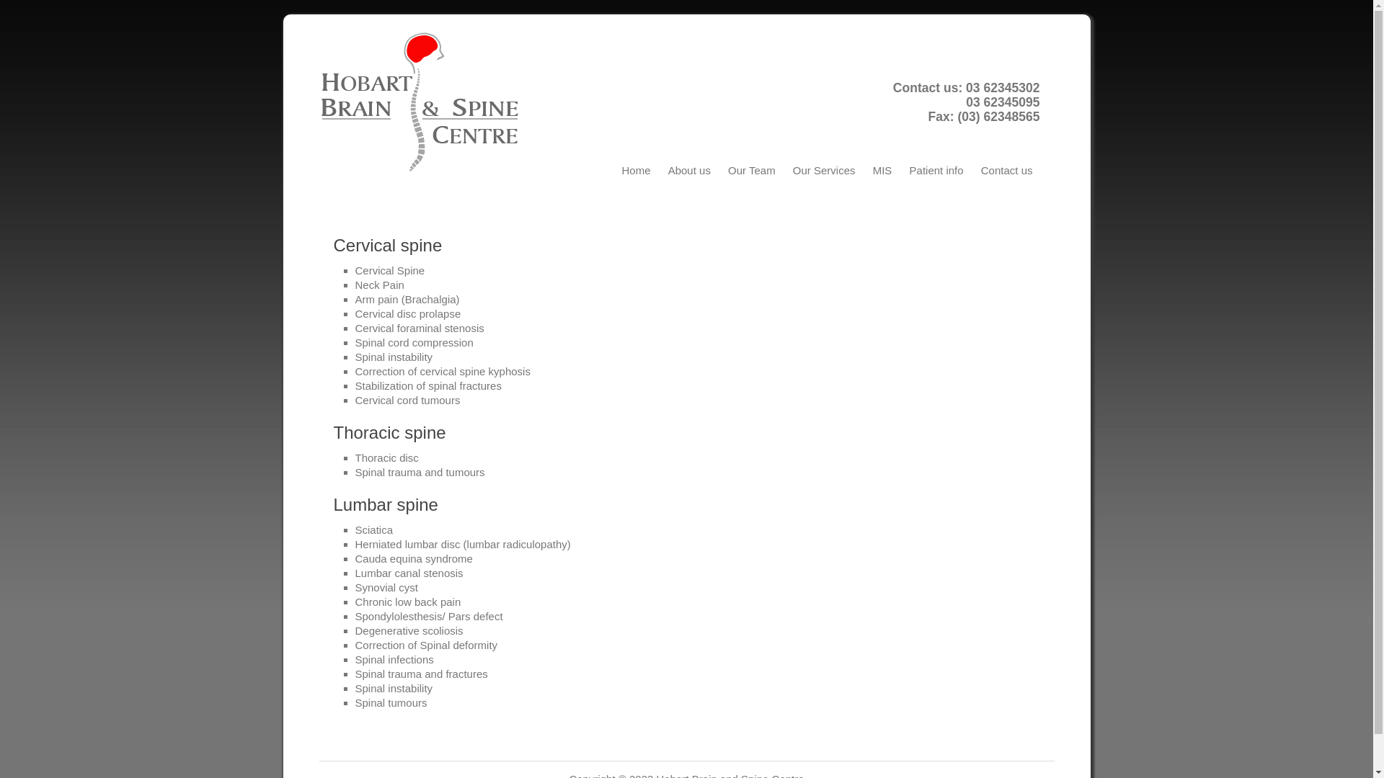 The height and width of the screenshot is (778, 1384). What do you see at coordinates (882, 169) in the screenshot?
I see `'MIS'` at bounding box center [882, 169].